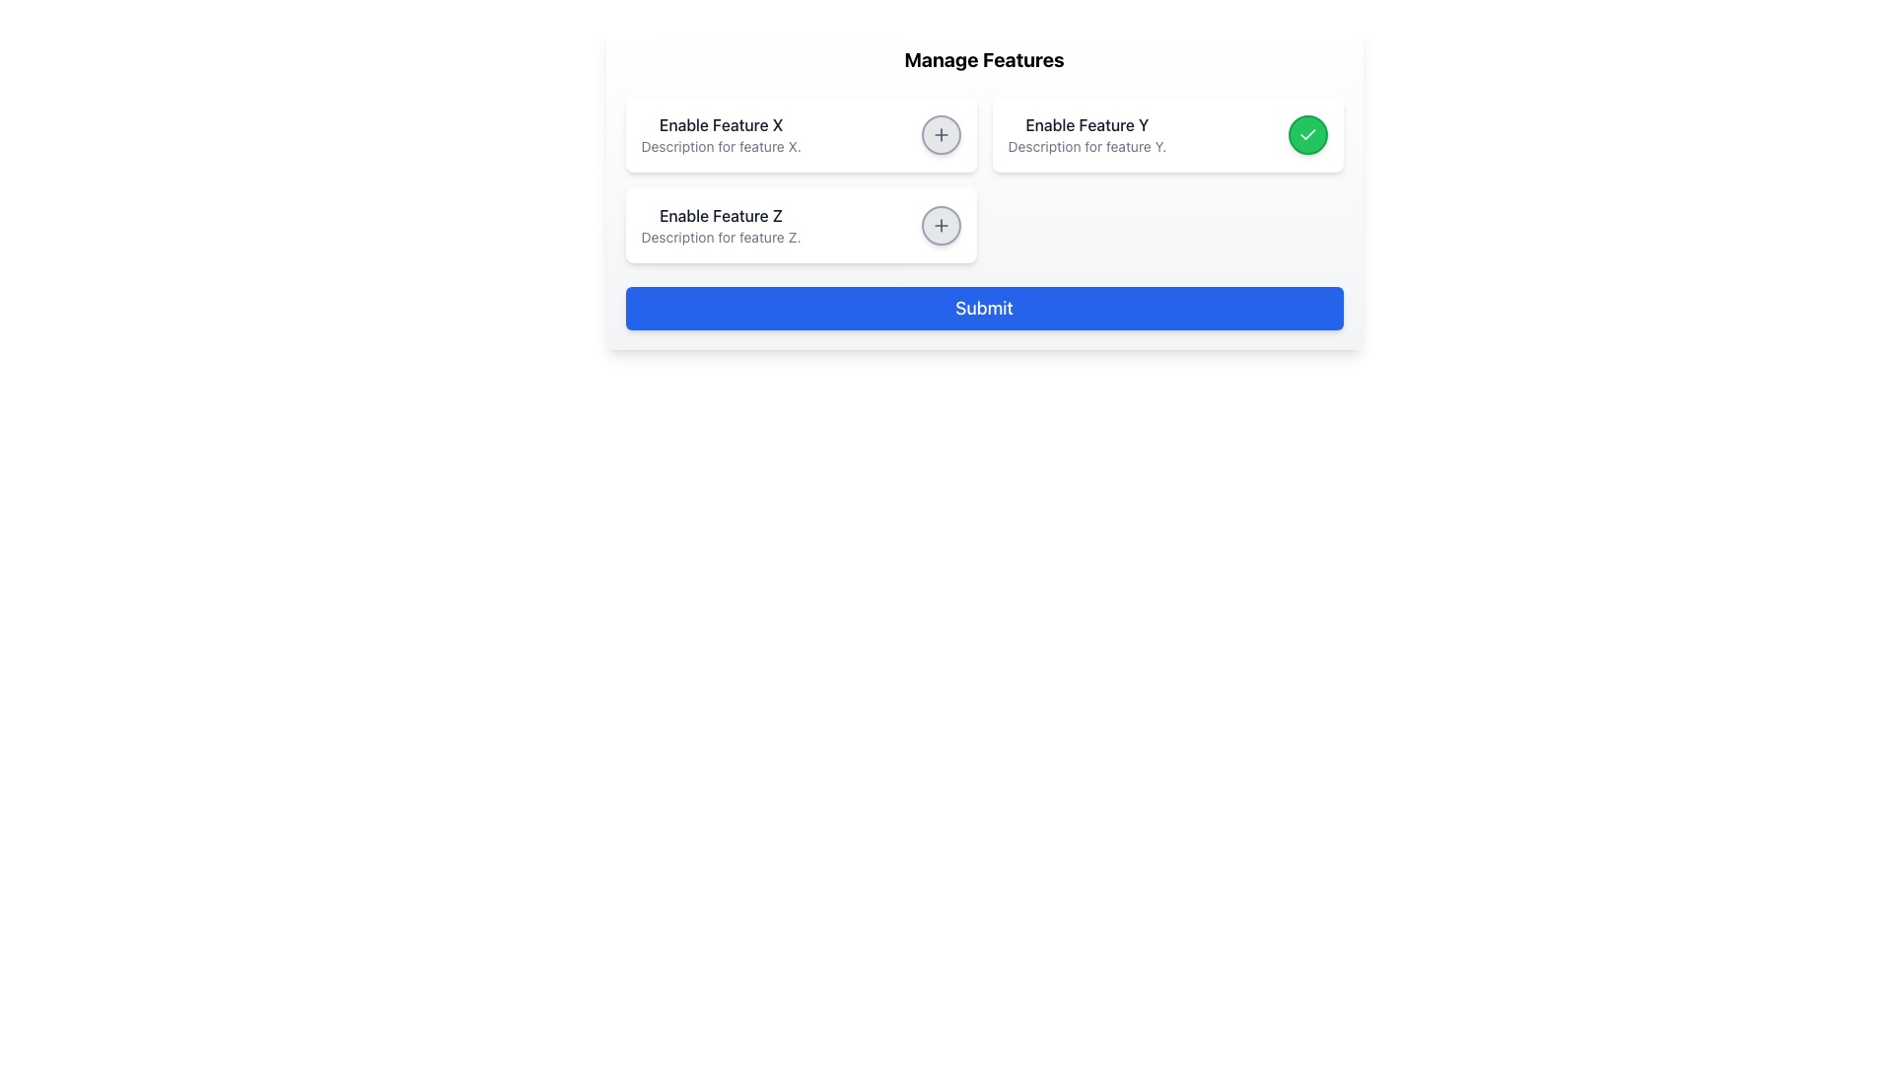 The width and height of the screenshot is (1893, 1065). What do you see at coordinates (940, 134) in the screenshot?
I see `the icon-based button located above the Submit button, which is associated with enabling Feature Z` at bounding box center [940, 134].